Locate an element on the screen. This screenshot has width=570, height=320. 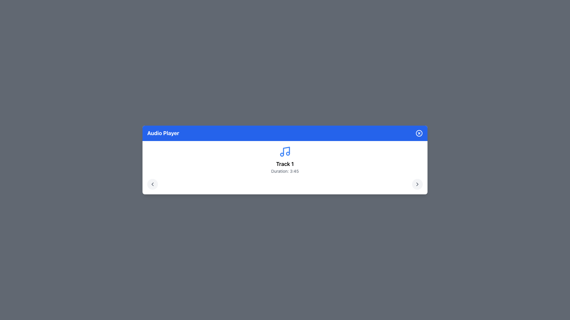
the title text label of the audio track, which is positioned at the upper-central part of the audio player interface is located at coordinates (285, 164).